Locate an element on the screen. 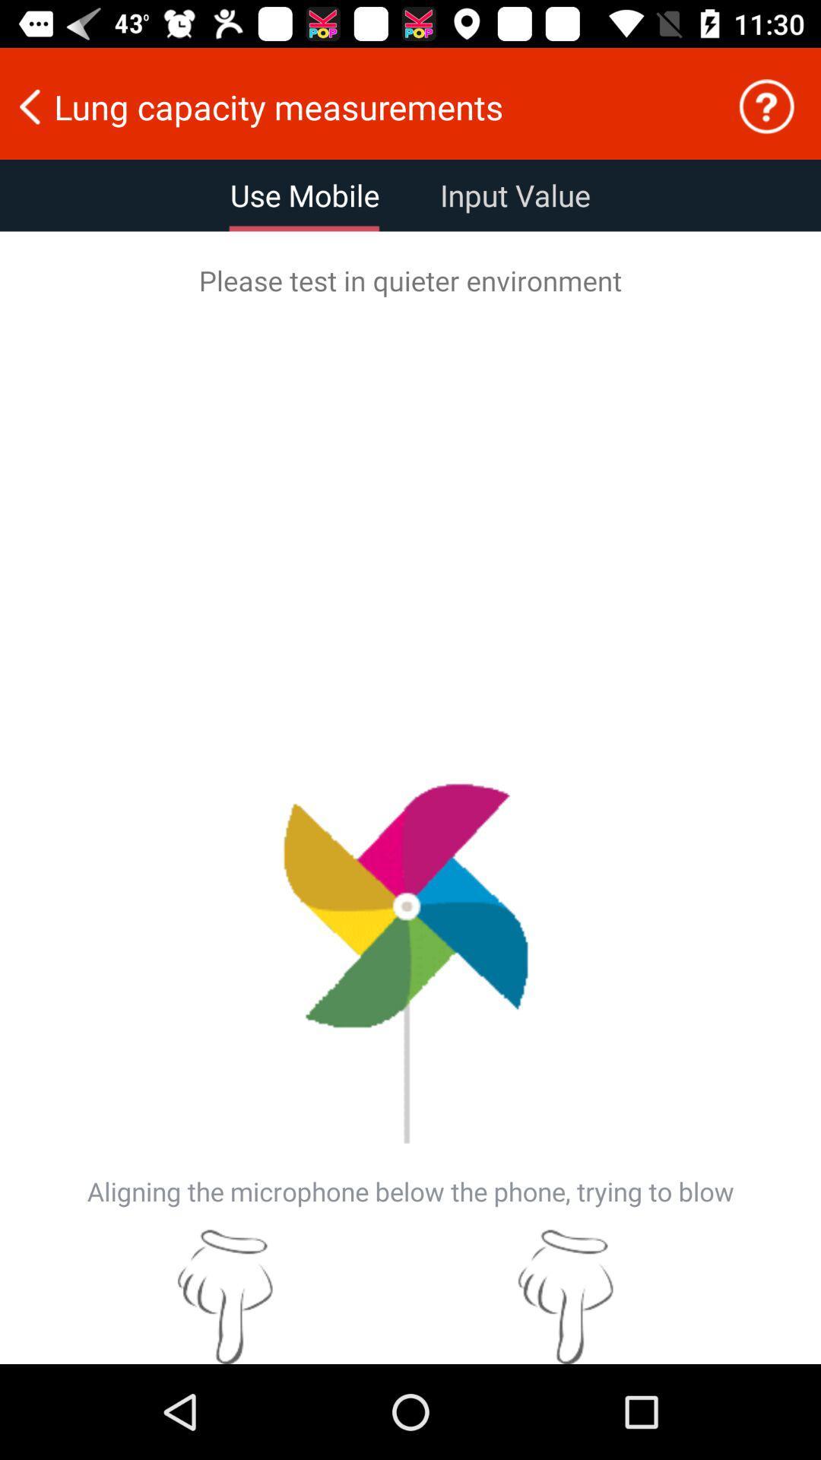 This screenshot has width=821, height=1460. icon at the top right corner is located at coordinates (766, 106).